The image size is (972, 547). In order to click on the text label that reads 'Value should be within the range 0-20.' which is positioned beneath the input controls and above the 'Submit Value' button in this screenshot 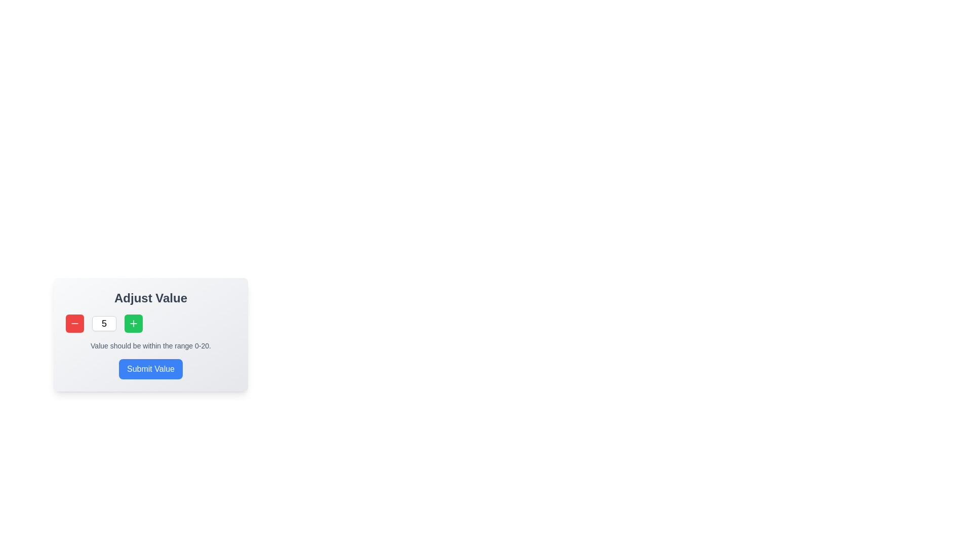, I will do `click(150, 345)`.